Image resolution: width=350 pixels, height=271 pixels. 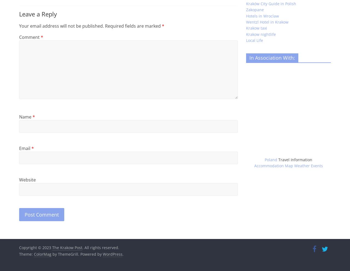 What do you see at coordinates (19, 13) in the screenshot?
I see `'Leave a Reply'` at bounding box center [19, 13].